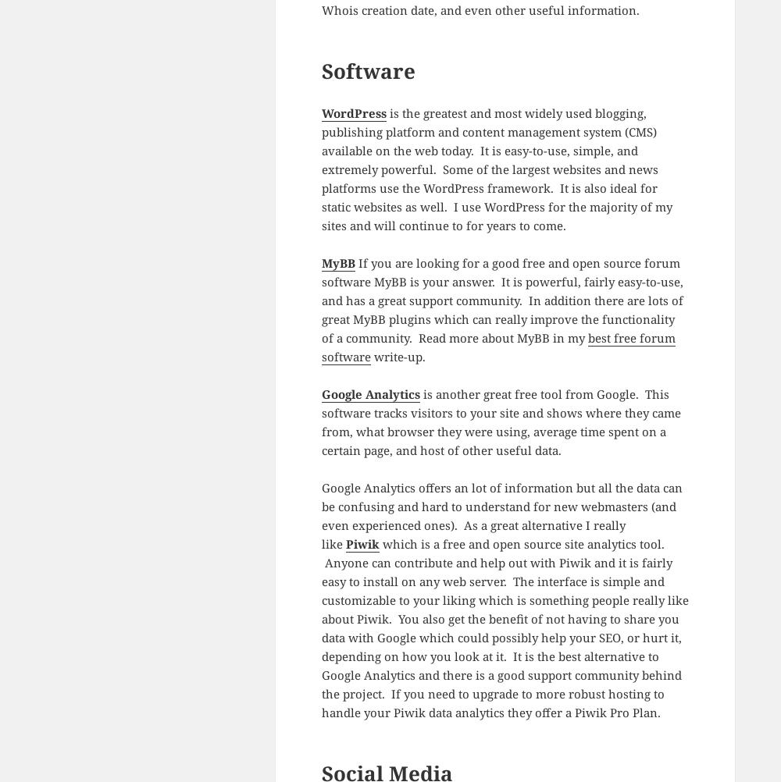  Describe the element at coordinates (367, 69) in the screenshot. I see `'Software'` at that location.